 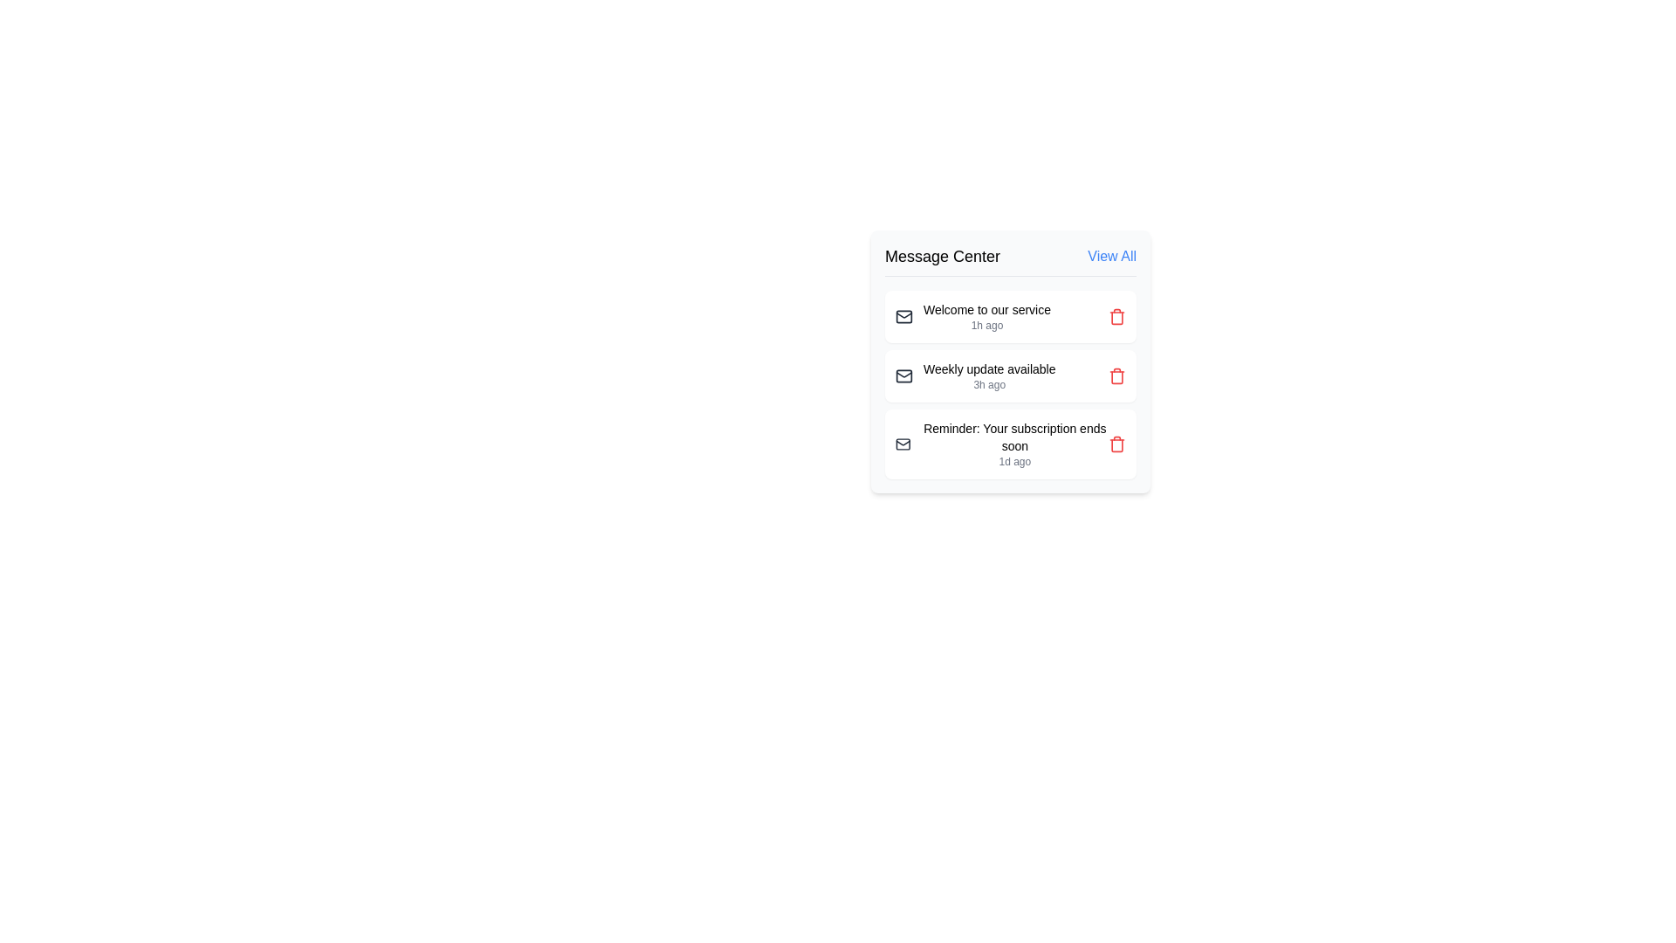 I want to click on the envelope icon in the list item labeled 'Weekly update available' to preview the message, so click(x=1010, y=375).